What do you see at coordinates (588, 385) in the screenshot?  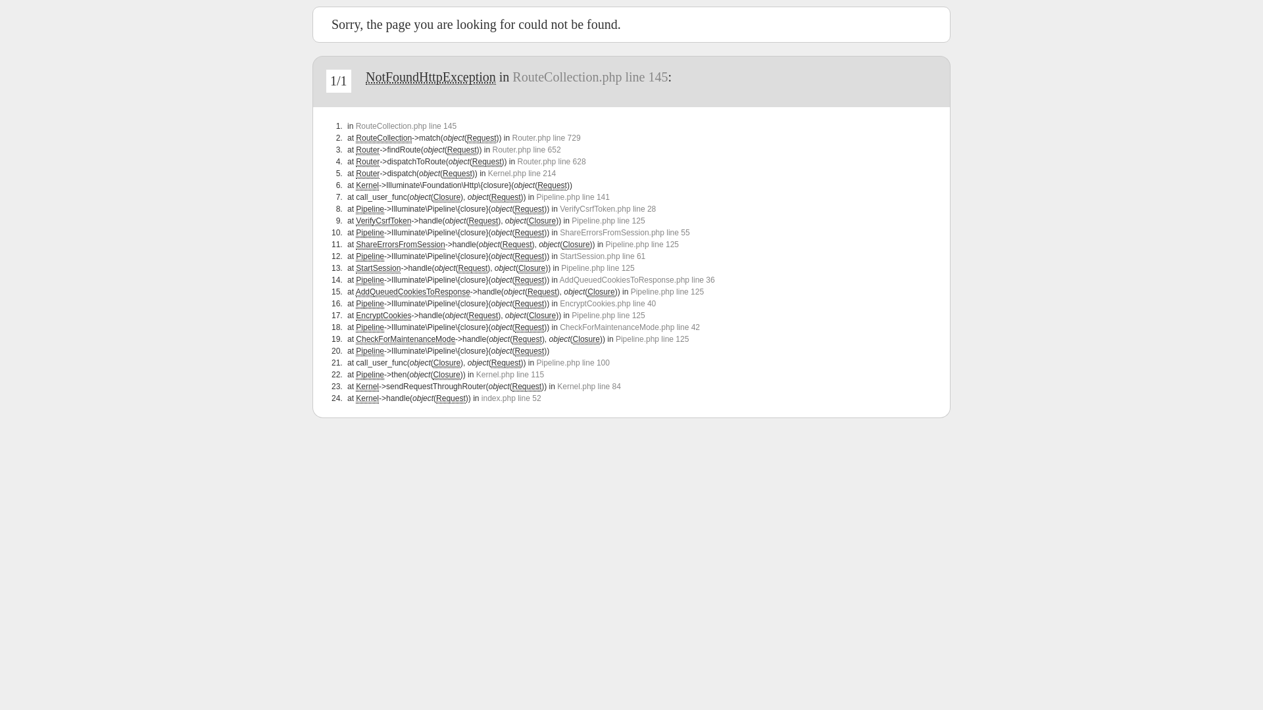 I see `'Kernel.php line 84'` at bounding box center [588, 385].